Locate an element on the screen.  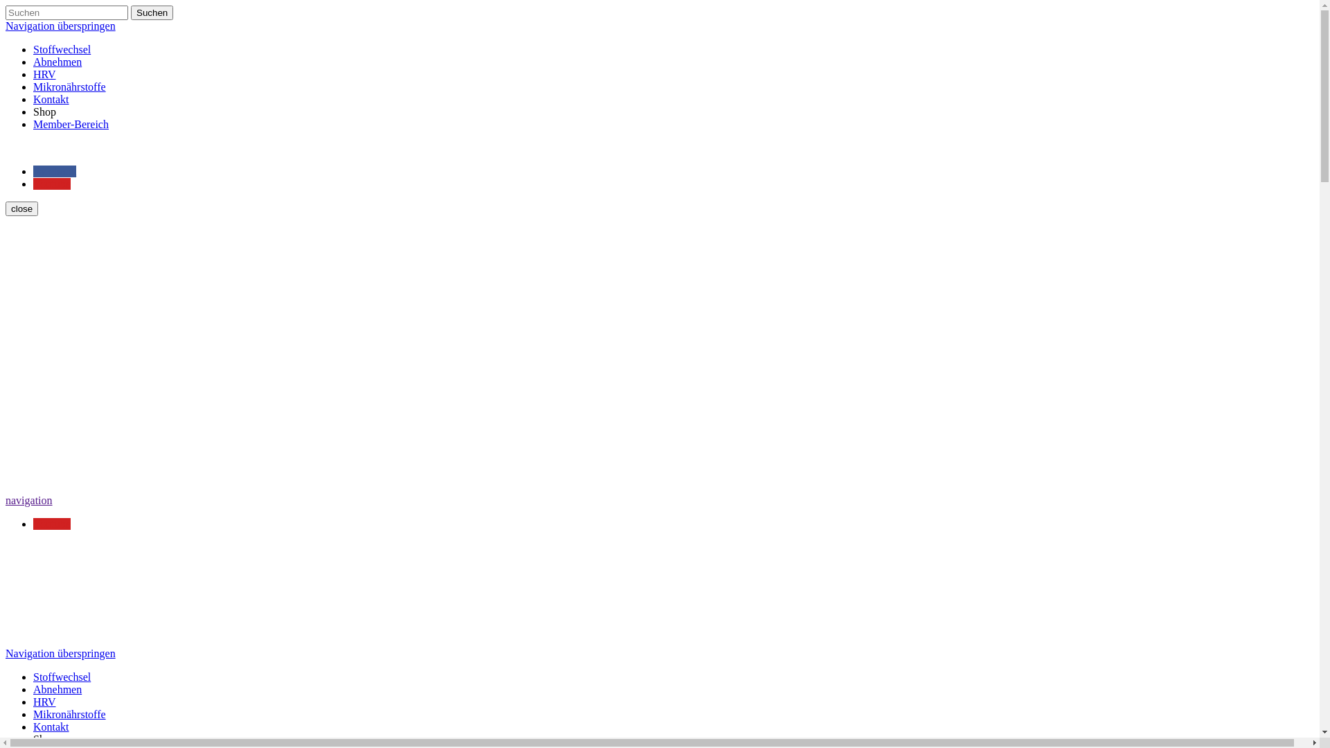
'Youtube' is located at coordinates (52, 183).